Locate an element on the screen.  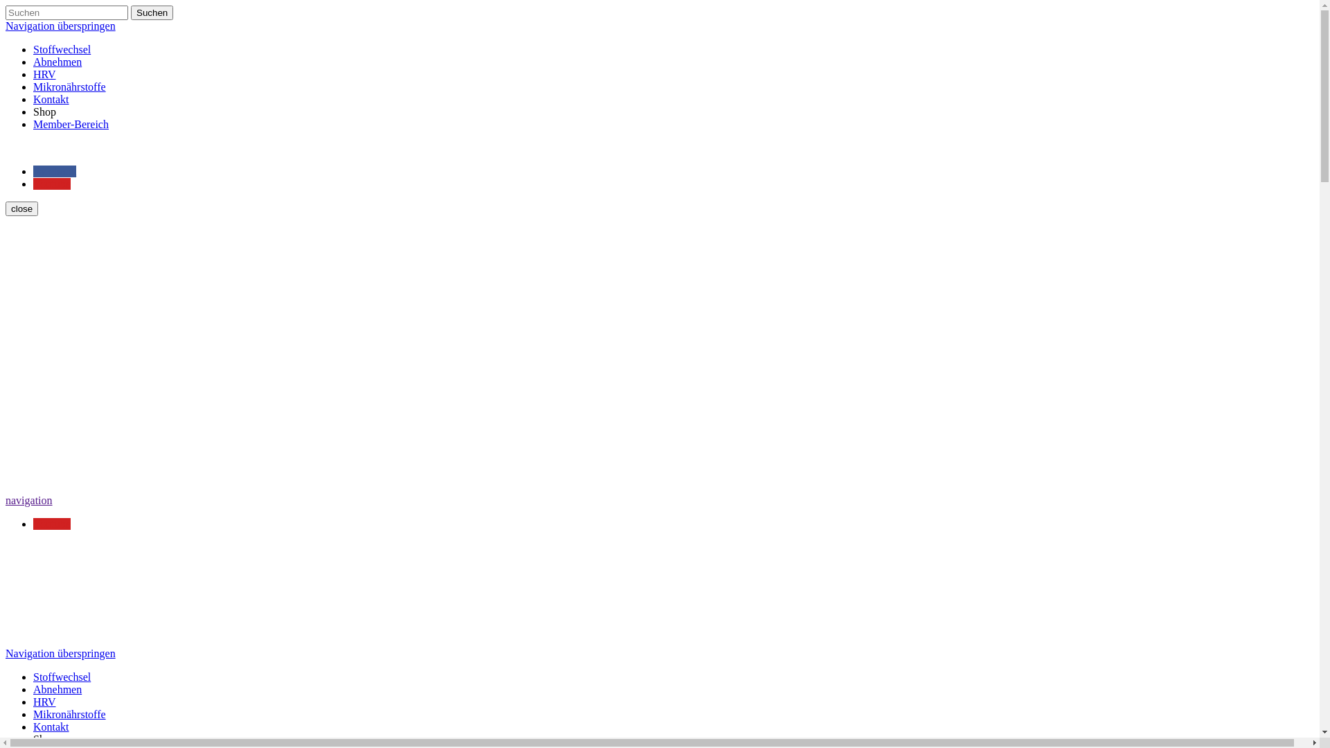
'Youtube' is located at coordinates (52, 183).